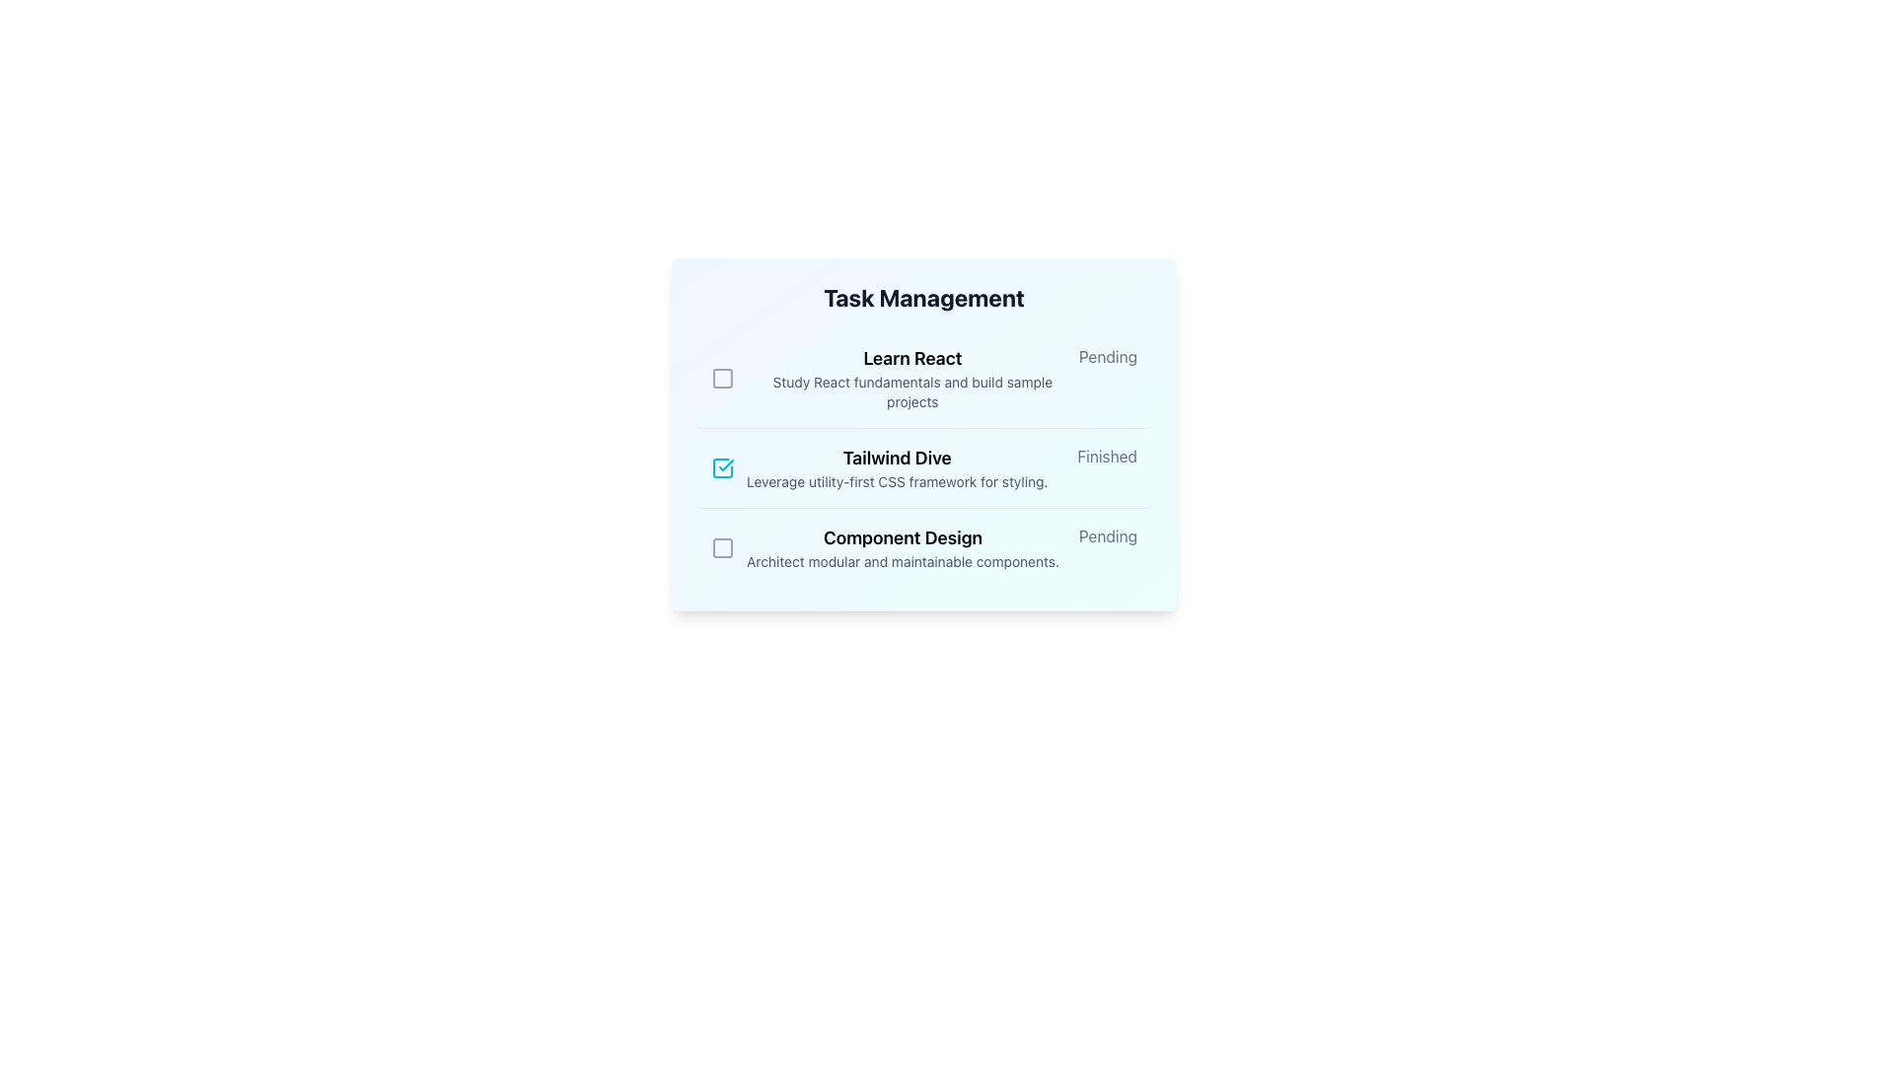  Describe the element at coordinates (722, 547) in the screenshot. I see `the checkbox located in the third row of the Task Management interface, associated with the task 'Component Design'` at that location.